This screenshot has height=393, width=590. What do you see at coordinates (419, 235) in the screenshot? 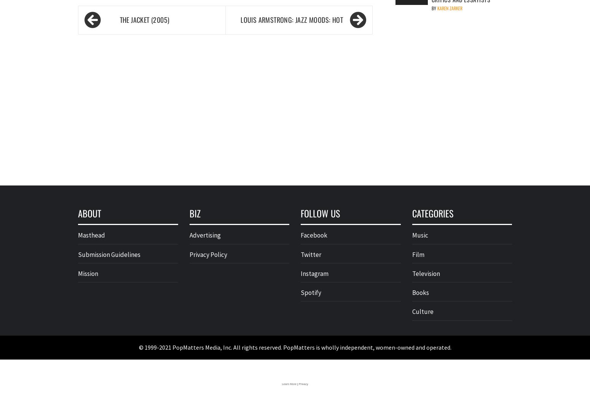
I see `'Music'` at bounding box center [419, 235].